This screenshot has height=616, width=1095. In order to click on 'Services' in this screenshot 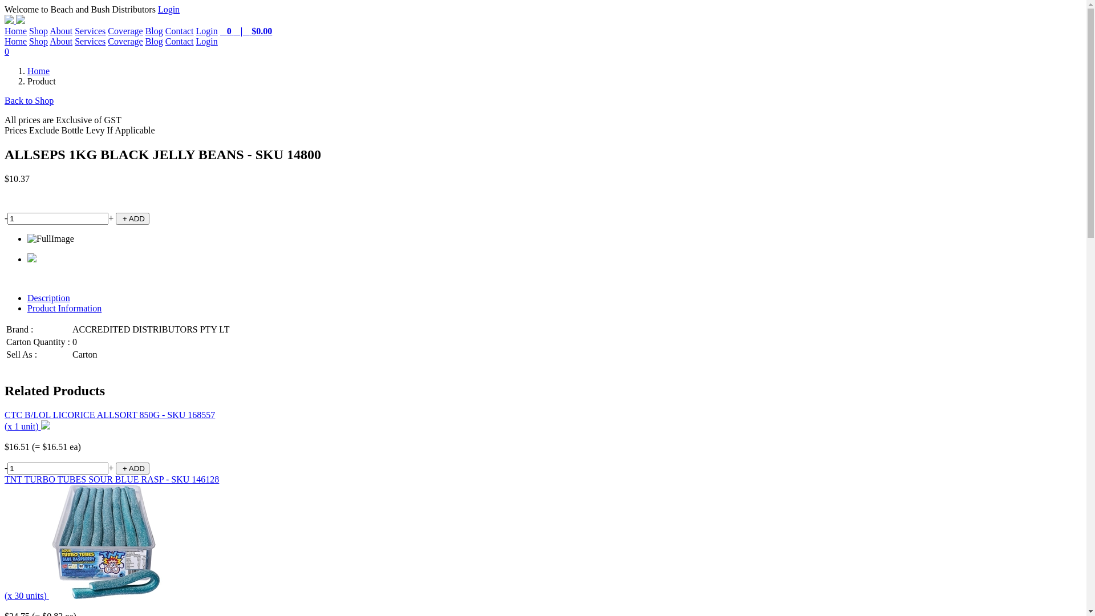, I will do `click(74, 40)`.